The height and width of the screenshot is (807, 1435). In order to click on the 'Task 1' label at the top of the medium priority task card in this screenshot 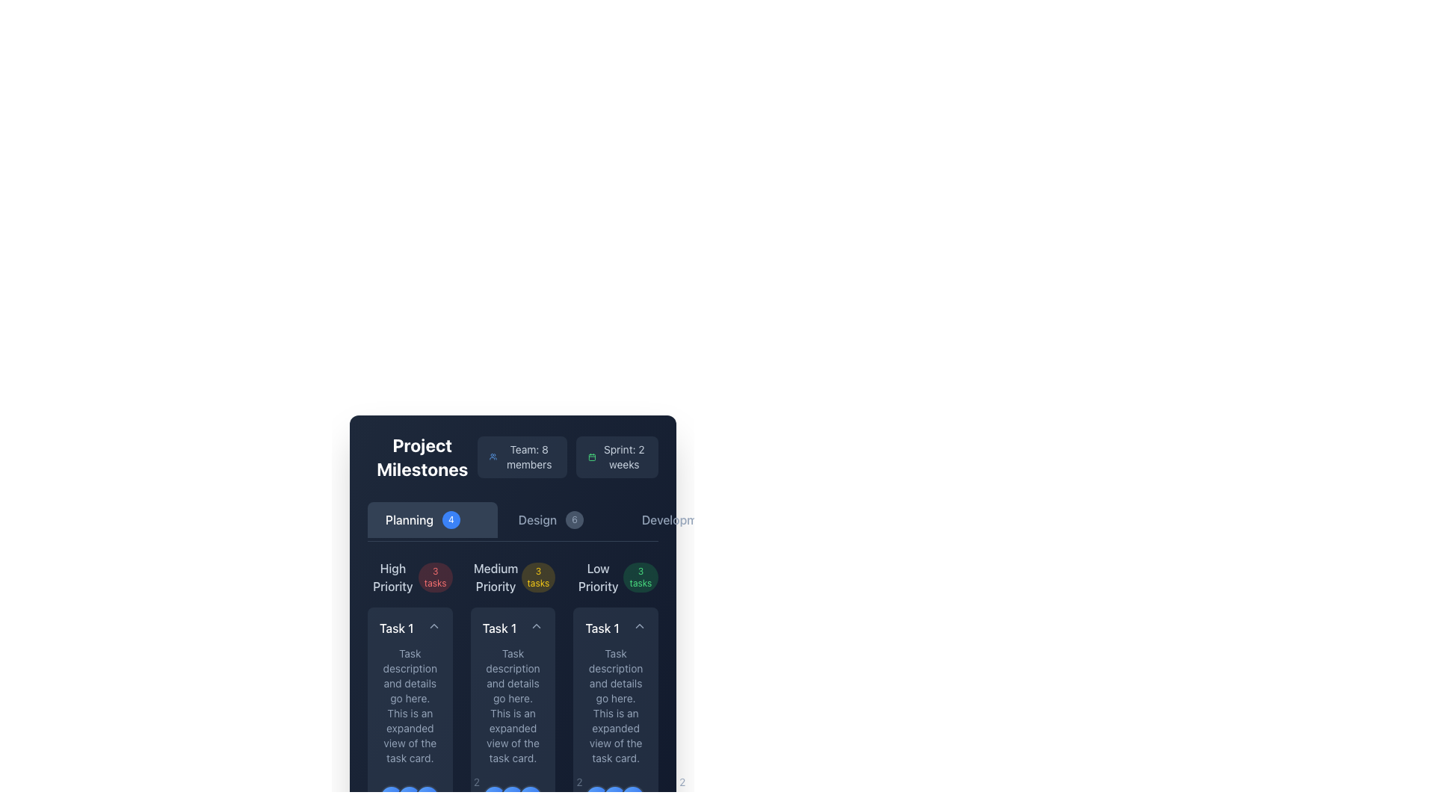, I will do `click(513, 628)`.